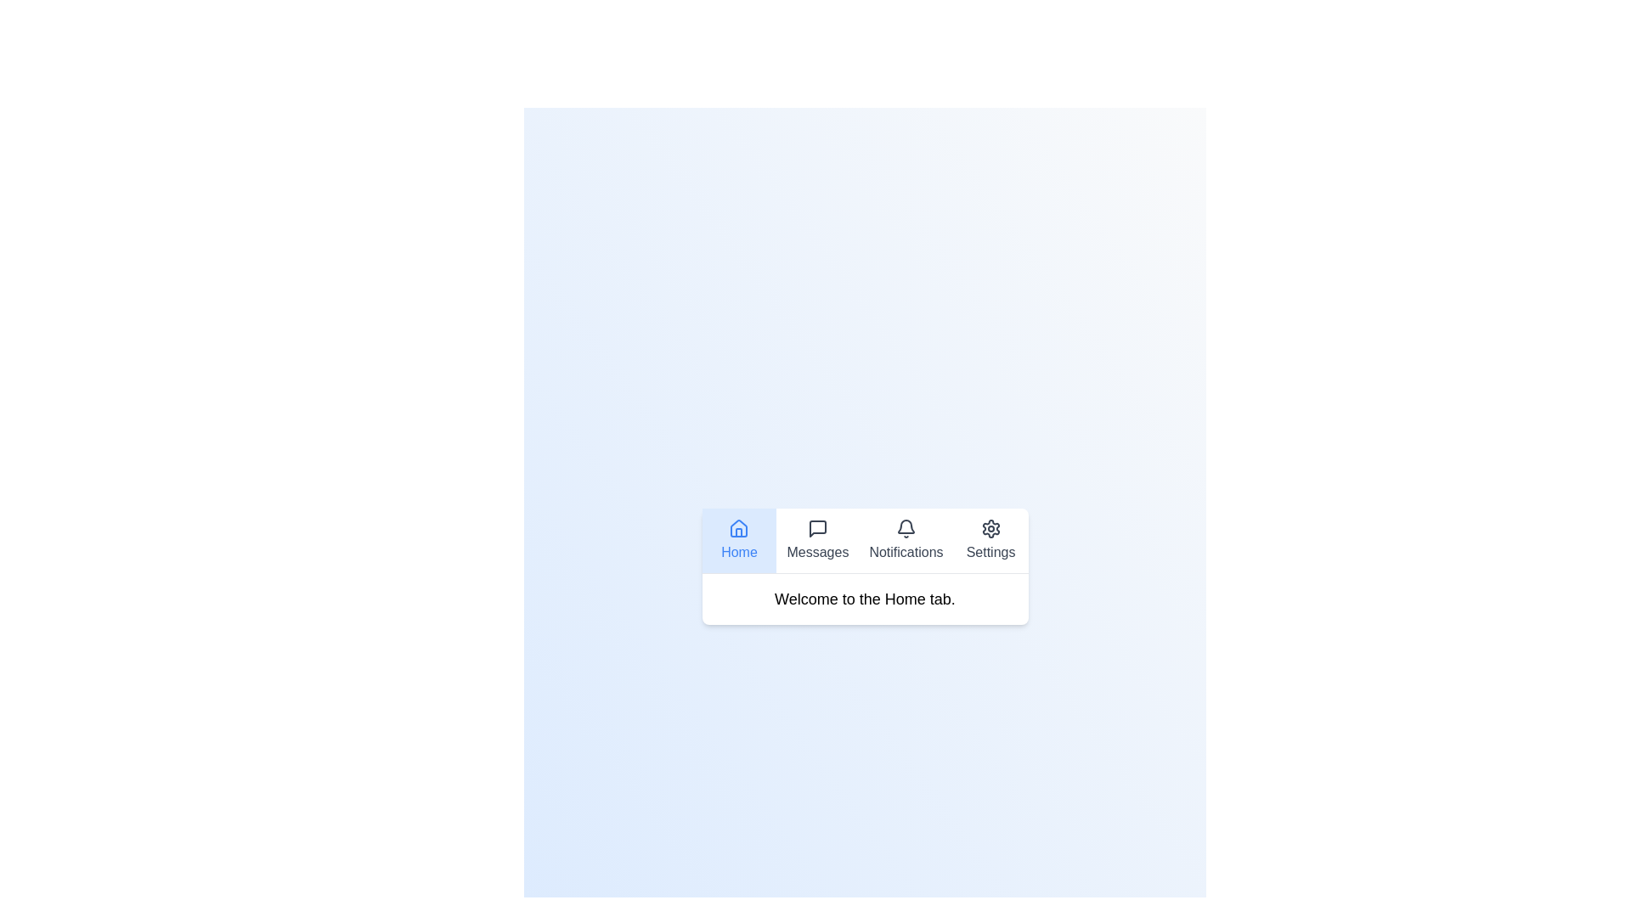 The height and width of the screenshot is (917, 1631). What do you see at coordinates (905, 527) in the screenshot?
I see `the bell icon in the navigation bar, located at the top-center of the 'Notifications' subcontainer` at bounding box center [905, 527].